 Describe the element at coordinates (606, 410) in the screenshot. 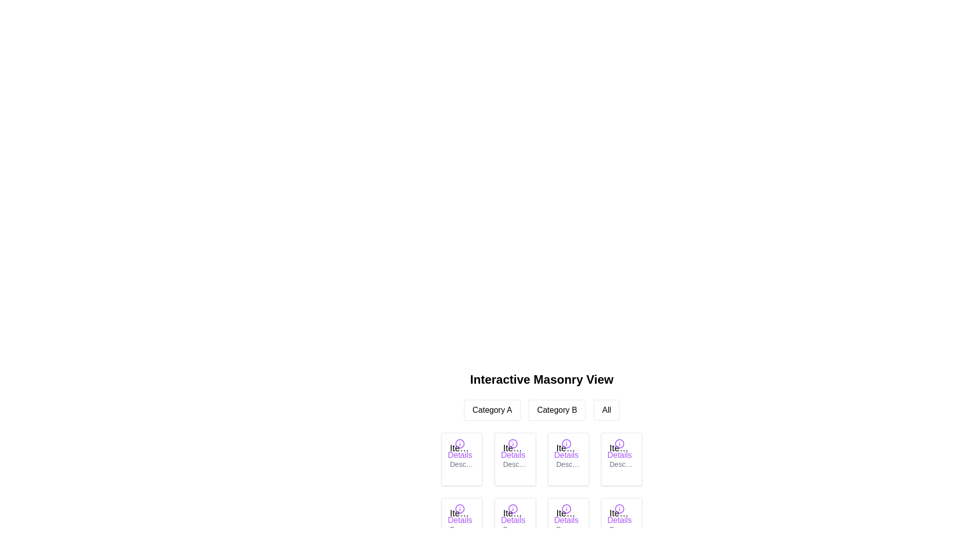

I see `the rectangular button labeled 'All' to filter content, which is the third button in a horizontal row of buttons below the heading 'Interactive Masonry View'` at that location.